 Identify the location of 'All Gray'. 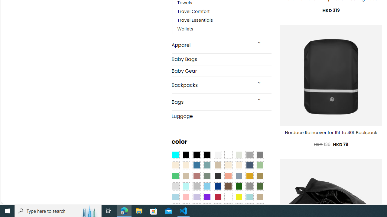
(260, 155).